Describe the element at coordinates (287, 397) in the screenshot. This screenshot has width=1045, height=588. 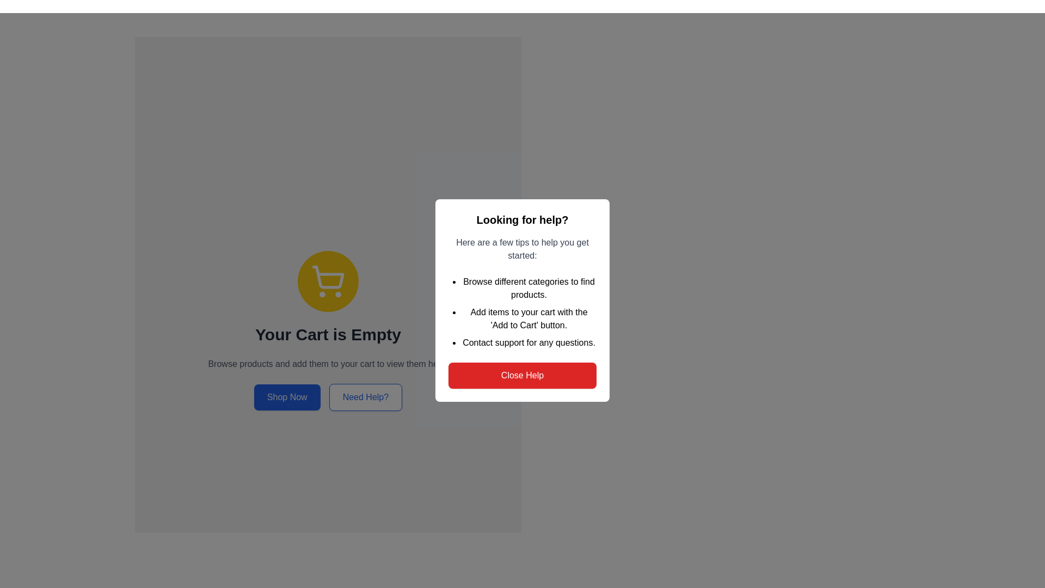
I see `the shopping initiation button located below 'Your Cart is Empty' and to the left of the 'Need Help?' button` at that location.